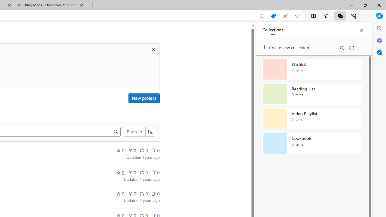  Describe the element at coordinates (273, 16) in the screenshot. I see `'Shopping in Microsoft Edge'` at that location.